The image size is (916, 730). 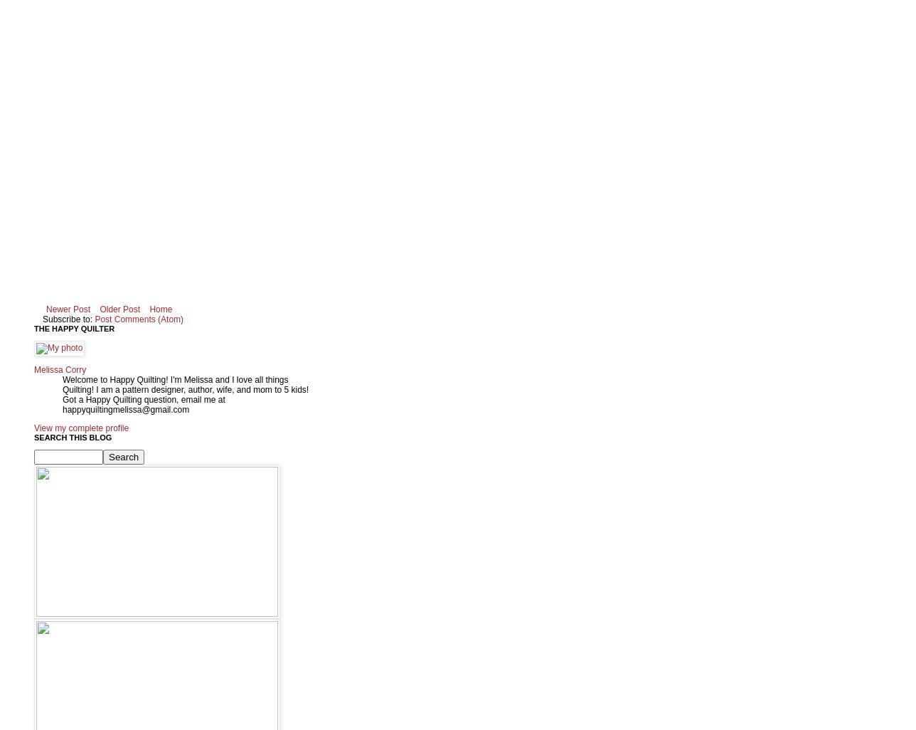 I want to click on 'Welcome to Happy Quilting!  I'm Melissa and I love all things Quilting!   I am a pattern designer, author, wife, and mom to 5 kids!  Got a Happy Quilting question, email me at happyquiltingmelissa@gmail.com', so click(x=185, y=394).